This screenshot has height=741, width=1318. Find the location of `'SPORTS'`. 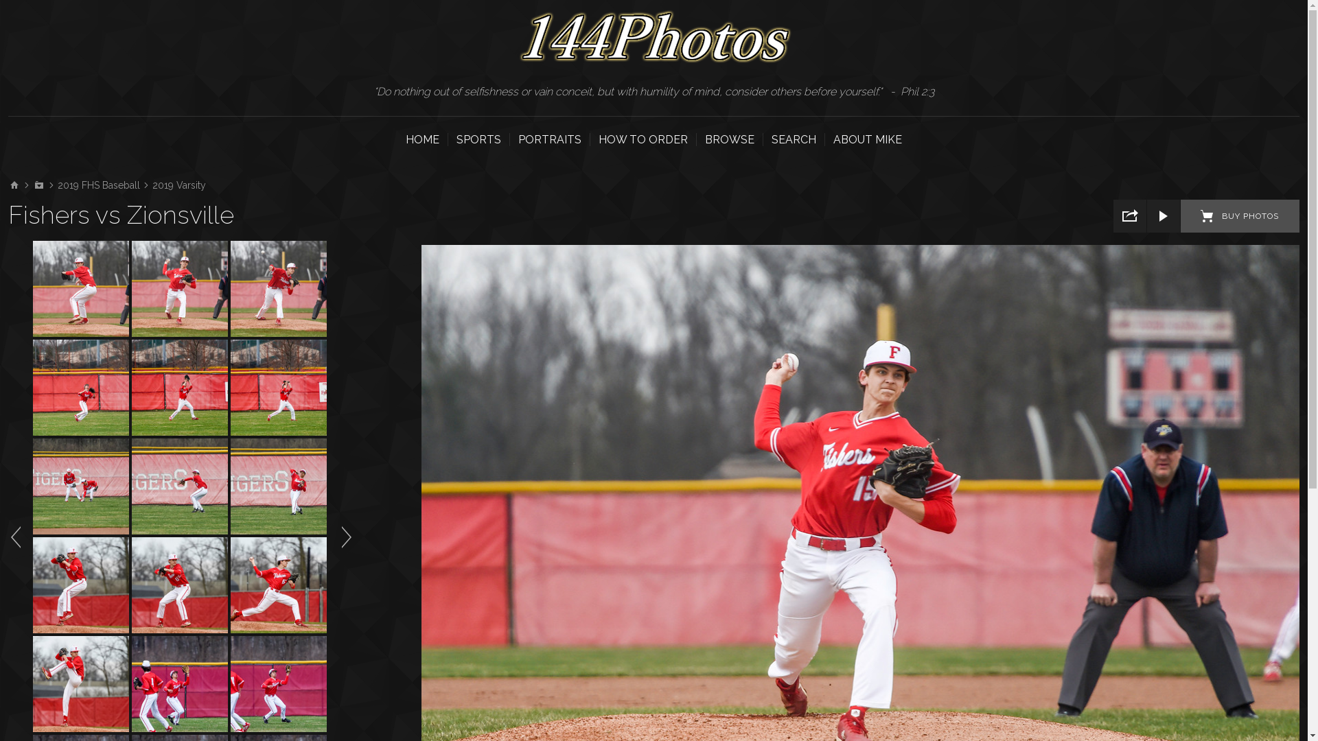

'SPORTS' is located at coordinates (478, 139).